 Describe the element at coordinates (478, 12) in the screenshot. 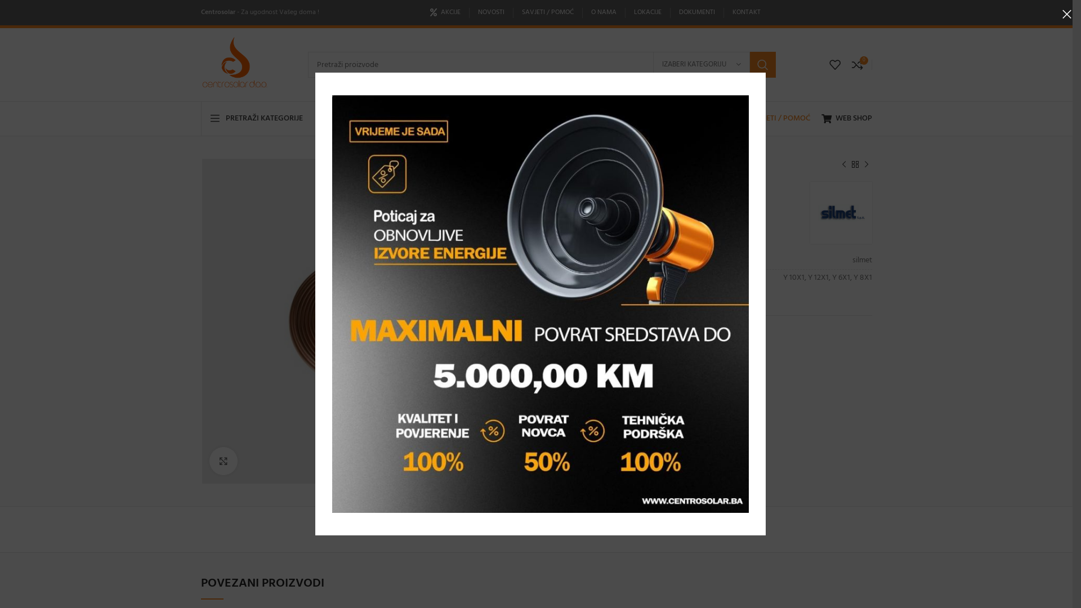

I see `'NOVOSTI'` at that location.